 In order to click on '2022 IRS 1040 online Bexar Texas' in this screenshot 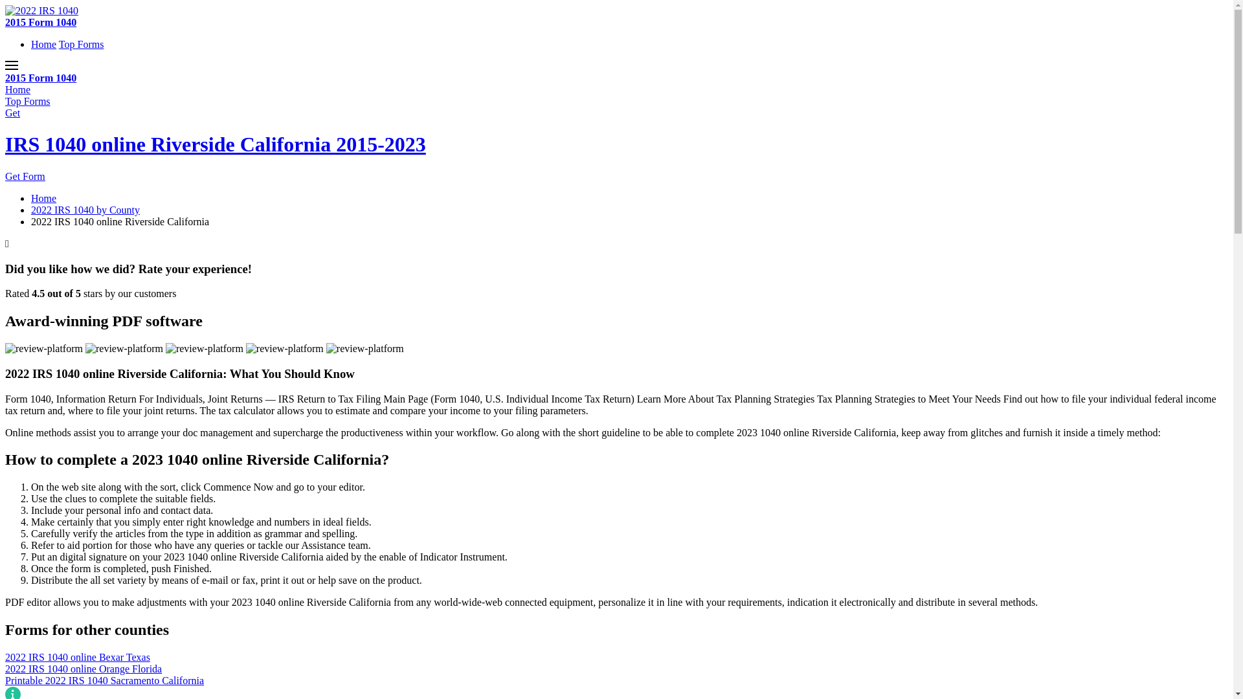, I will do `click(616, 657)`.